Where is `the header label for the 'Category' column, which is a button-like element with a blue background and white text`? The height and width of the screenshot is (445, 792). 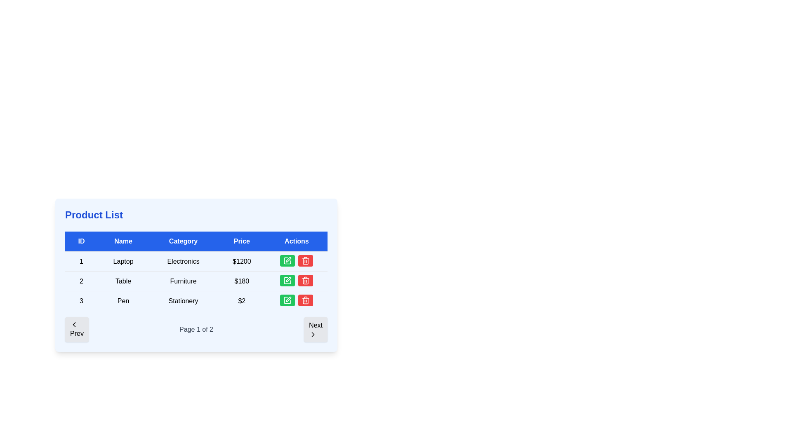
the header label for the 'Category' column, which is a button-like element with a blue background and white text is located at coordinates (183, 241).